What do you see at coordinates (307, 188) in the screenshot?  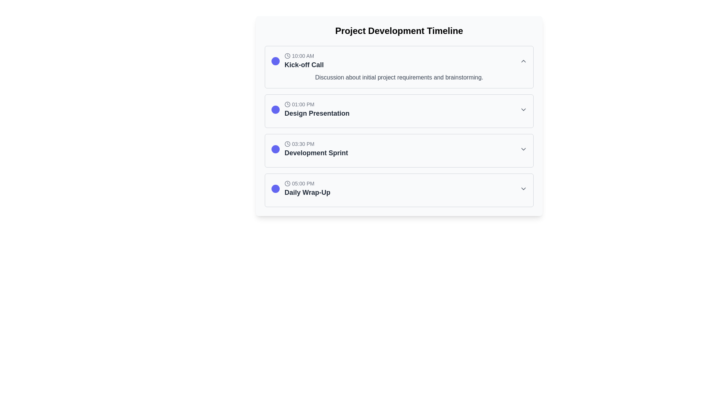 I see `the Display label element featuring the text '05:00 PM' and 'Daily Wrap-Up' along with the clock icon, which is the fourth item in the vertical list of event entries` at bounding box center [307, 188].